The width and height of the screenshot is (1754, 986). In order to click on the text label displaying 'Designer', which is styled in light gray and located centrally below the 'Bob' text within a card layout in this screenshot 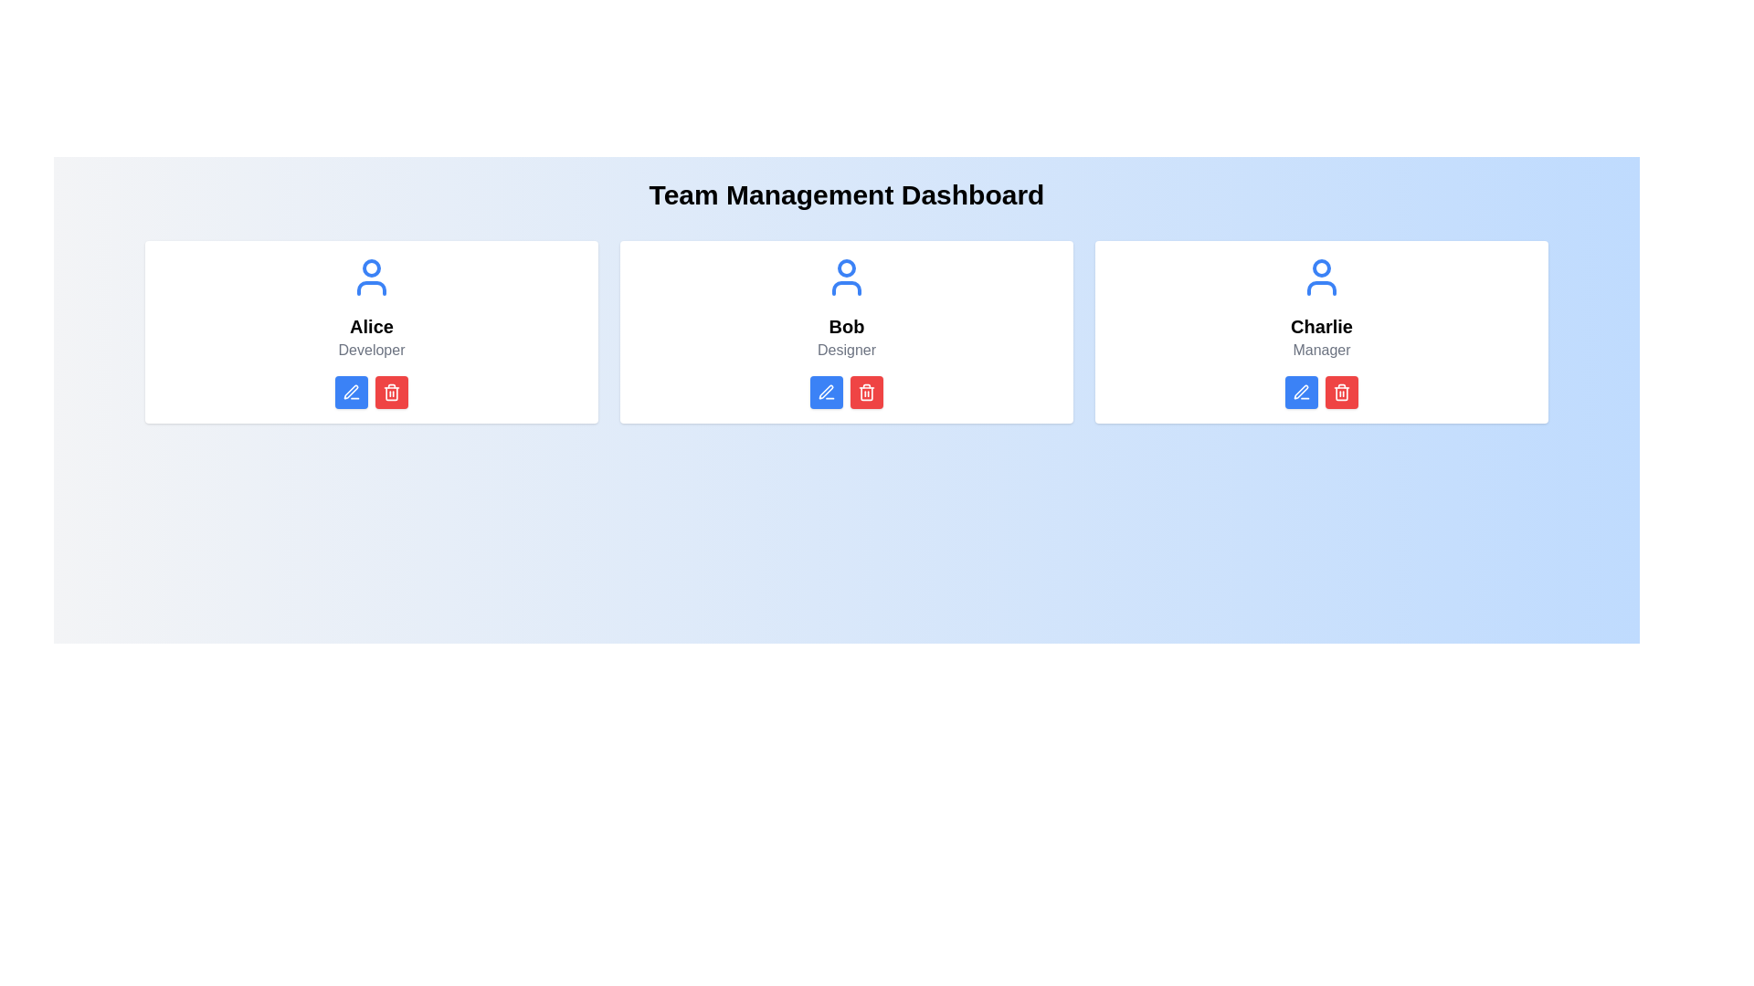, I will do `click(845, 351)`.